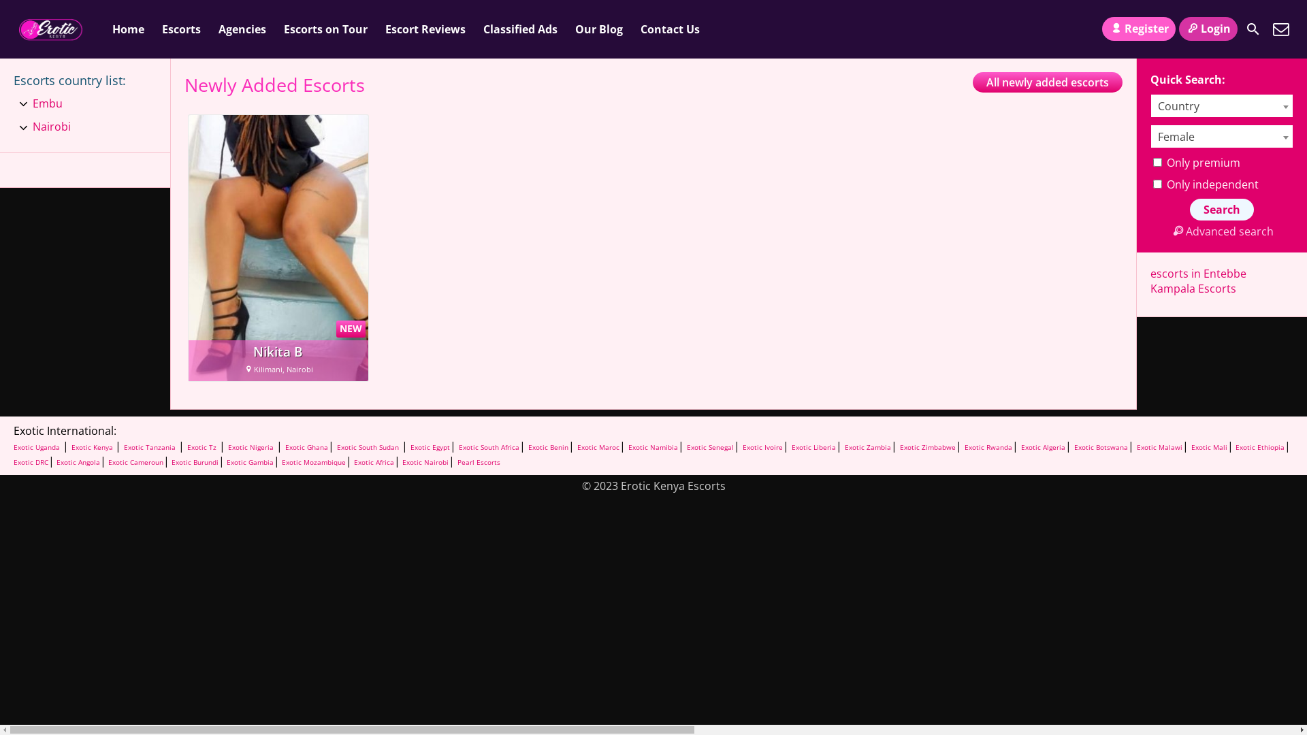 The width and height of the screenshot is (1307, 735). Describe the element at coordinates (598, 446) in the screenshot. I see `'Exotic Maroc'` at that location.